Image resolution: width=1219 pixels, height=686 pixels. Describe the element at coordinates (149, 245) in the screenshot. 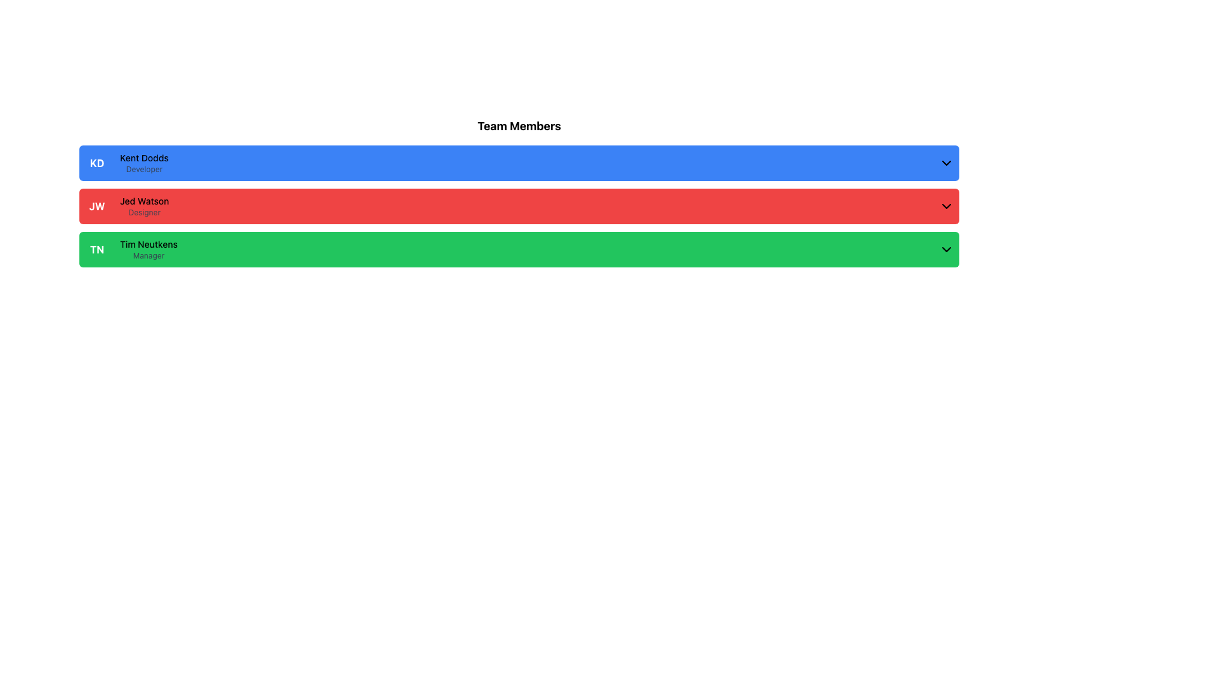

I see `the text label identifying 'Tim Neutkens' located in the green section labeled 'TN', positioned above the text 'Manager'` at that location.